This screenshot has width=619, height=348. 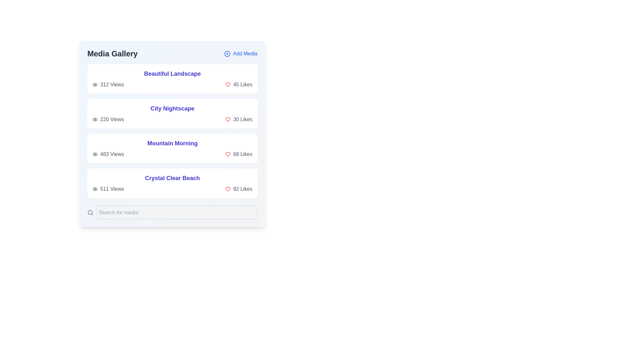 What do you see at coordinates (172, 178) in the screenshot?
I see `the title of the media item Crystal Clear Beach` at bounding box center [172, 178].